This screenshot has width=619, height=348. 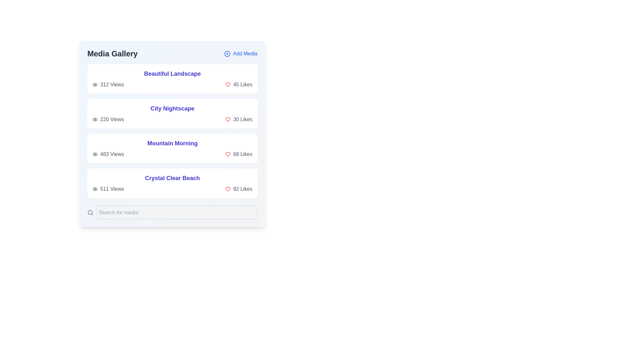 What do you see at coordinates (172, 178) in the screenshot?
I see `the title of the media item Crystal Clear Beach` at bounding box center [172, 178].